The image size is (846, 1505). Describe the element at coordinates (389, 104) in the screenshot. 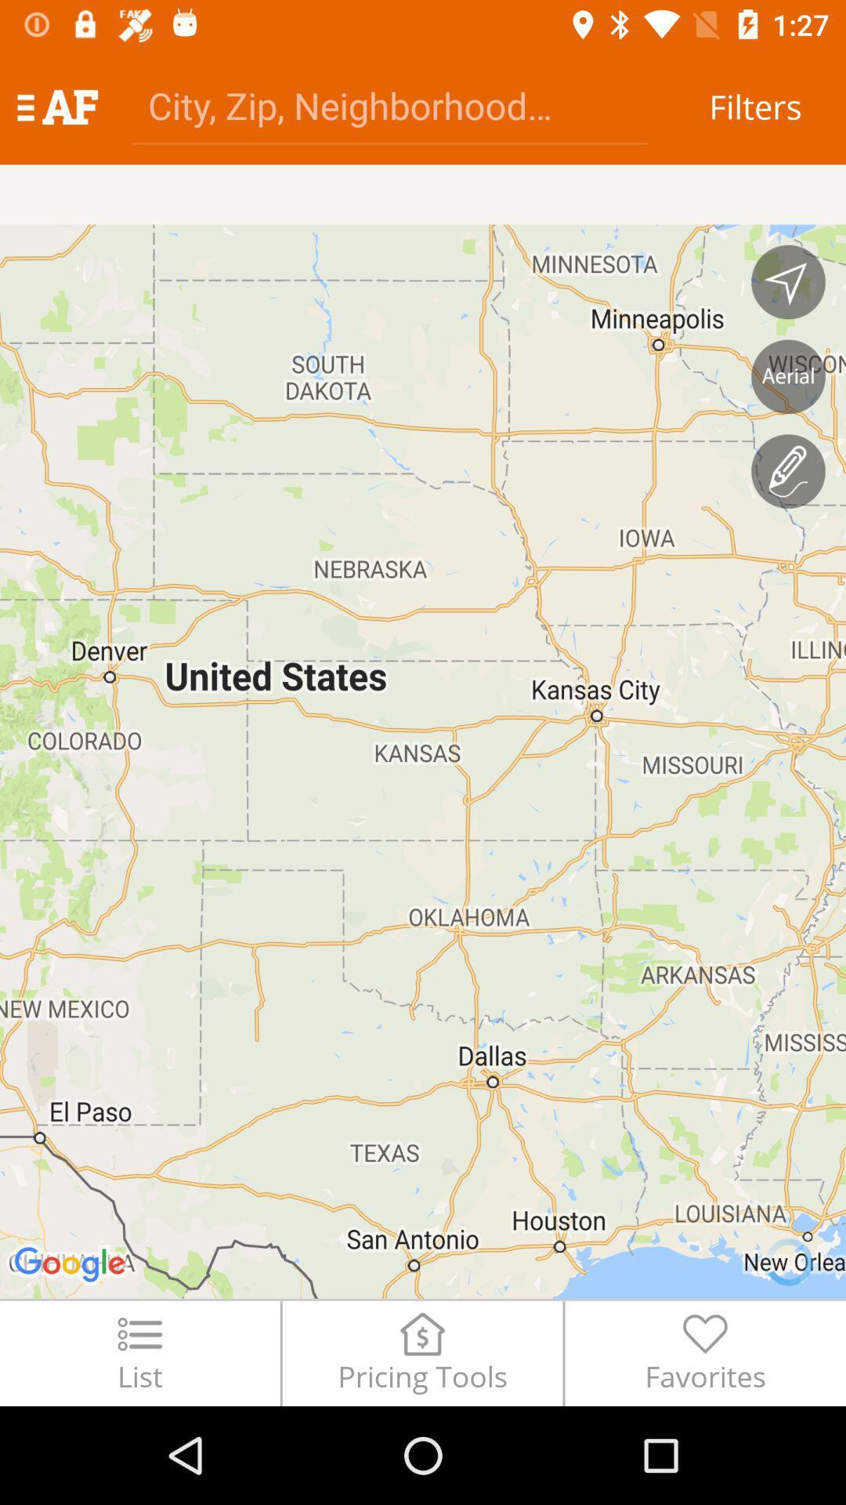

I see `the icon to the left of filters icon` at that location.